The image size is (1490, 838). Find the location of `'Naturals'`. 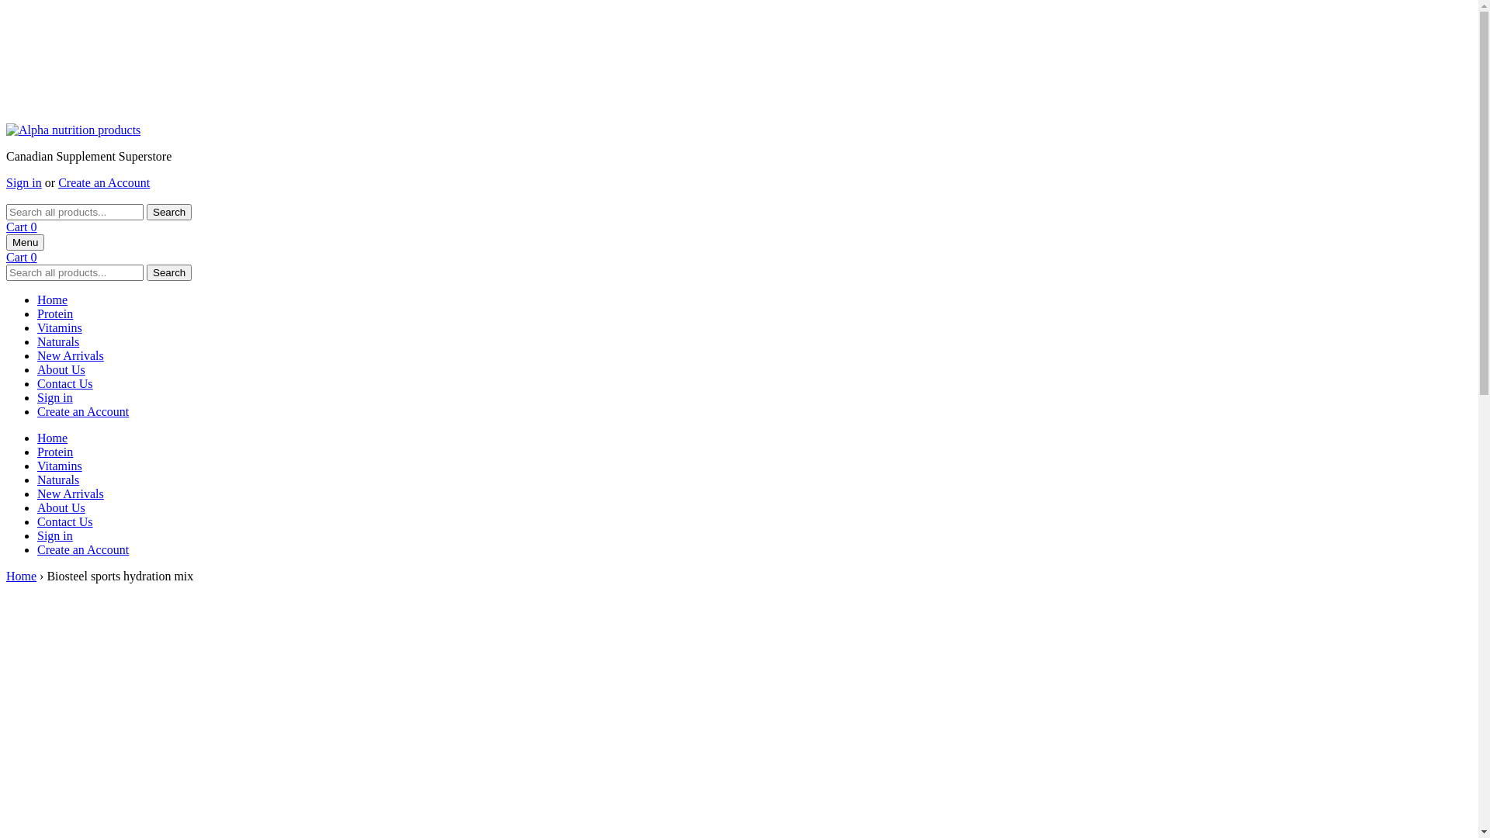

'Naturals' is located at coordinates (58, 479).